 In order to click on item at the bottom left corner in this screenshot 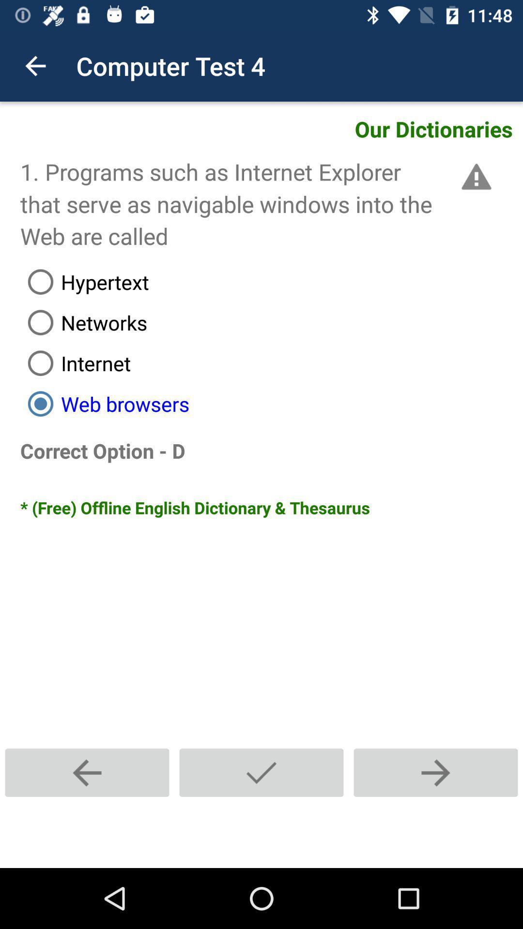, I will do `click(87, 772)`.